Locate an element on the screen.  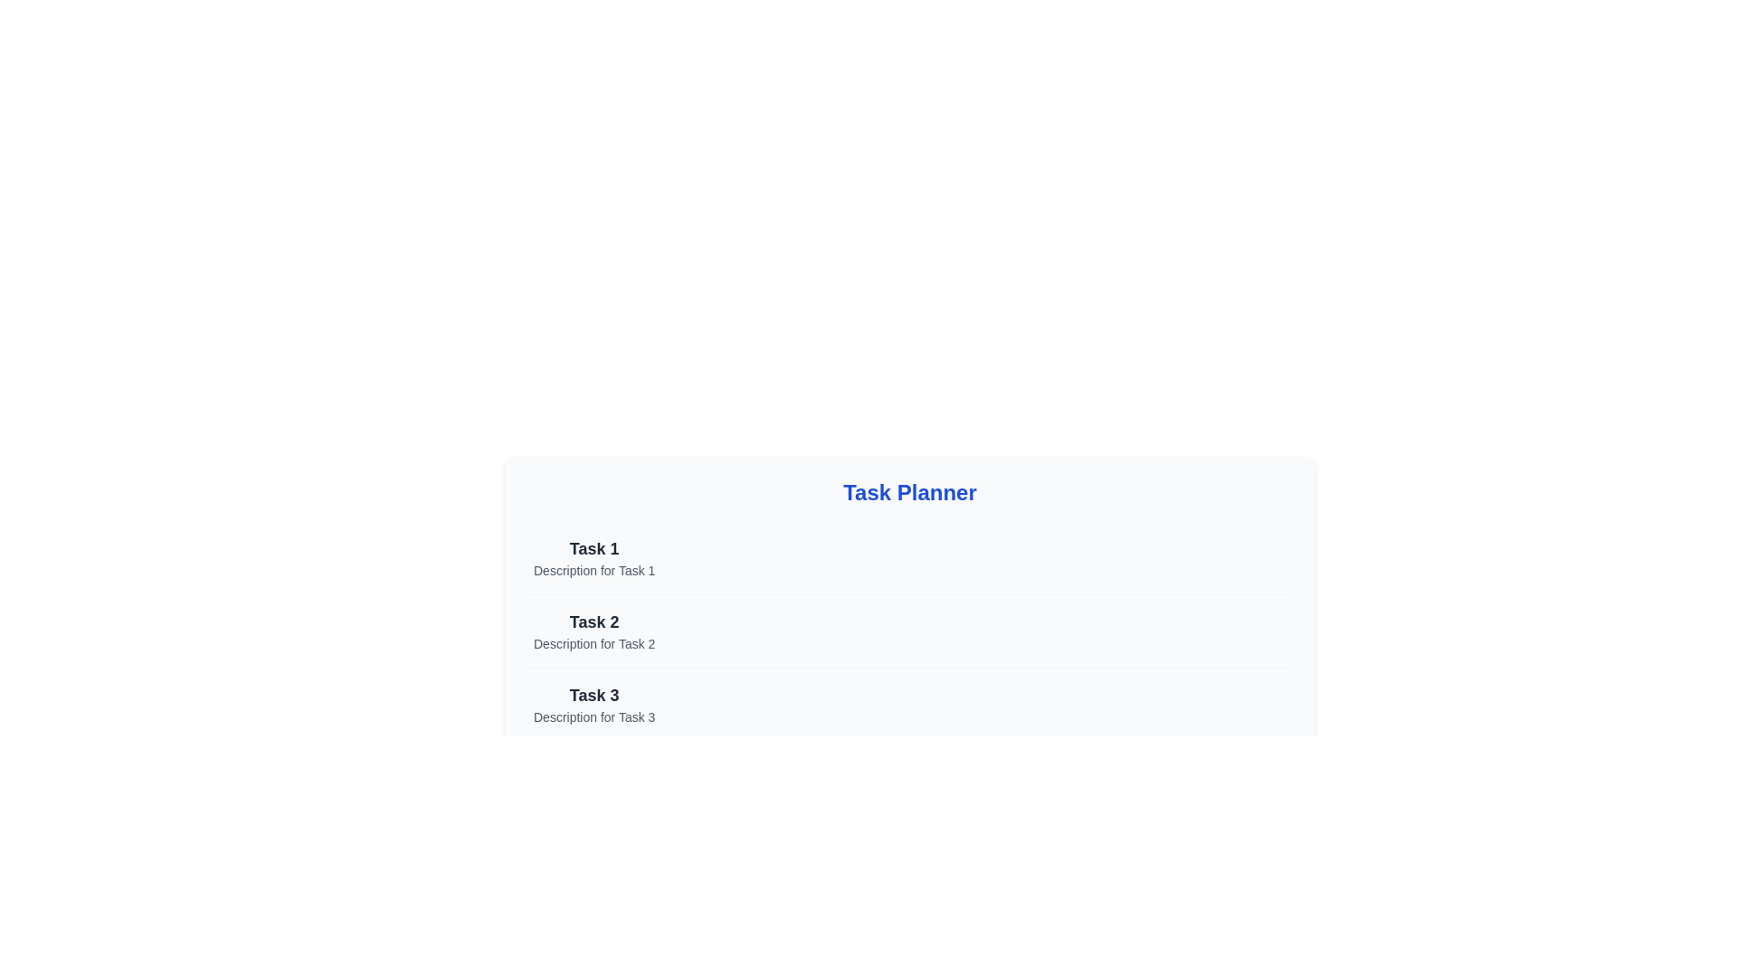
the second list item which provides details about 'Task 2', positioned between 'Task 1' and 'Task 3' is located at coordinates (910, 630).